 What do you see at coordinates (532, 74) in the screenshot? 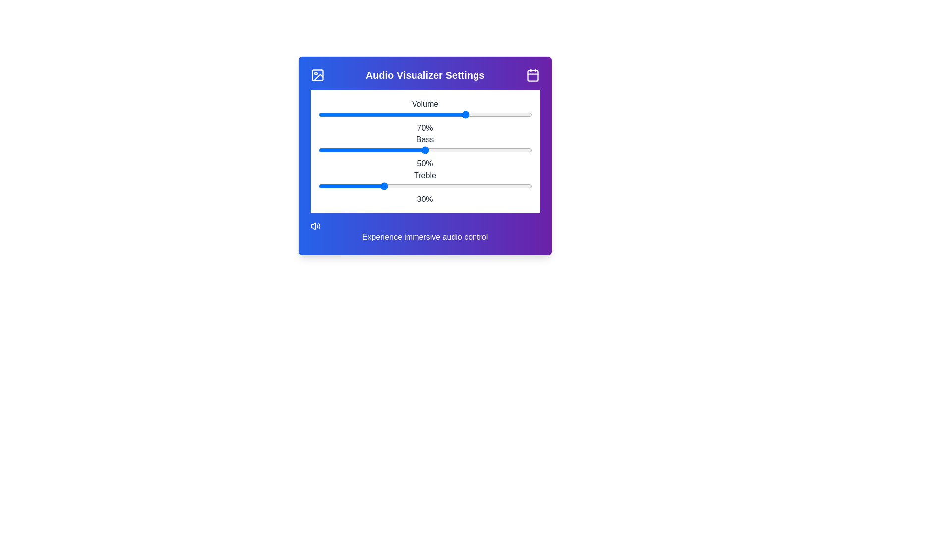
I see `the calendar icon to open related functionalities` at bounding box center [532, 74].